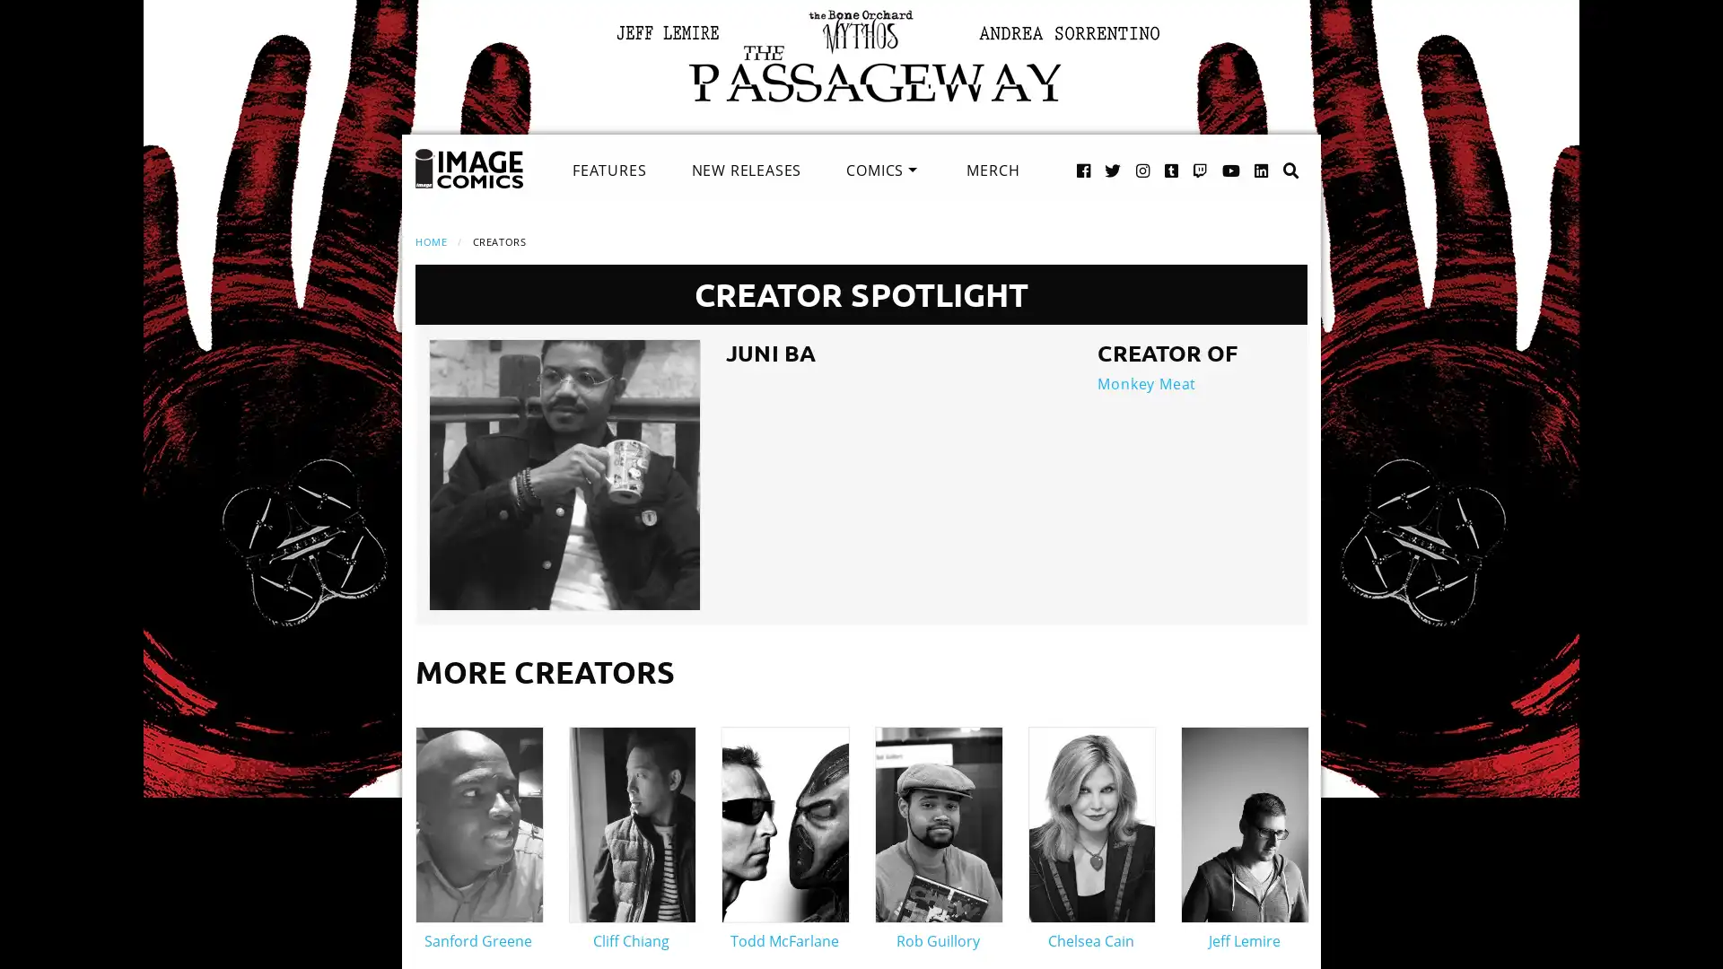 This screenshot has height=969, width=1723. I want to click on Search, so click(1272, 151).